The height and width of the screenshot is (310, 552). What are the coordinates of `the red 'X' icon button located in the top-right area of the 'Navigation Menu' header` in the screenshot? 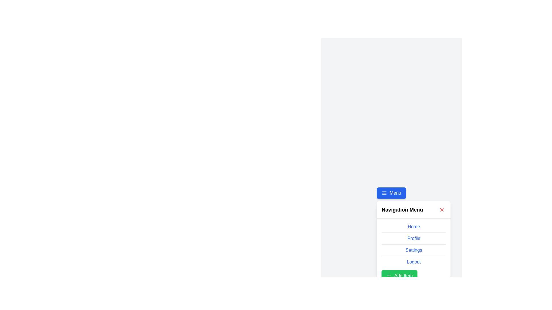 It's located at (442, 210).